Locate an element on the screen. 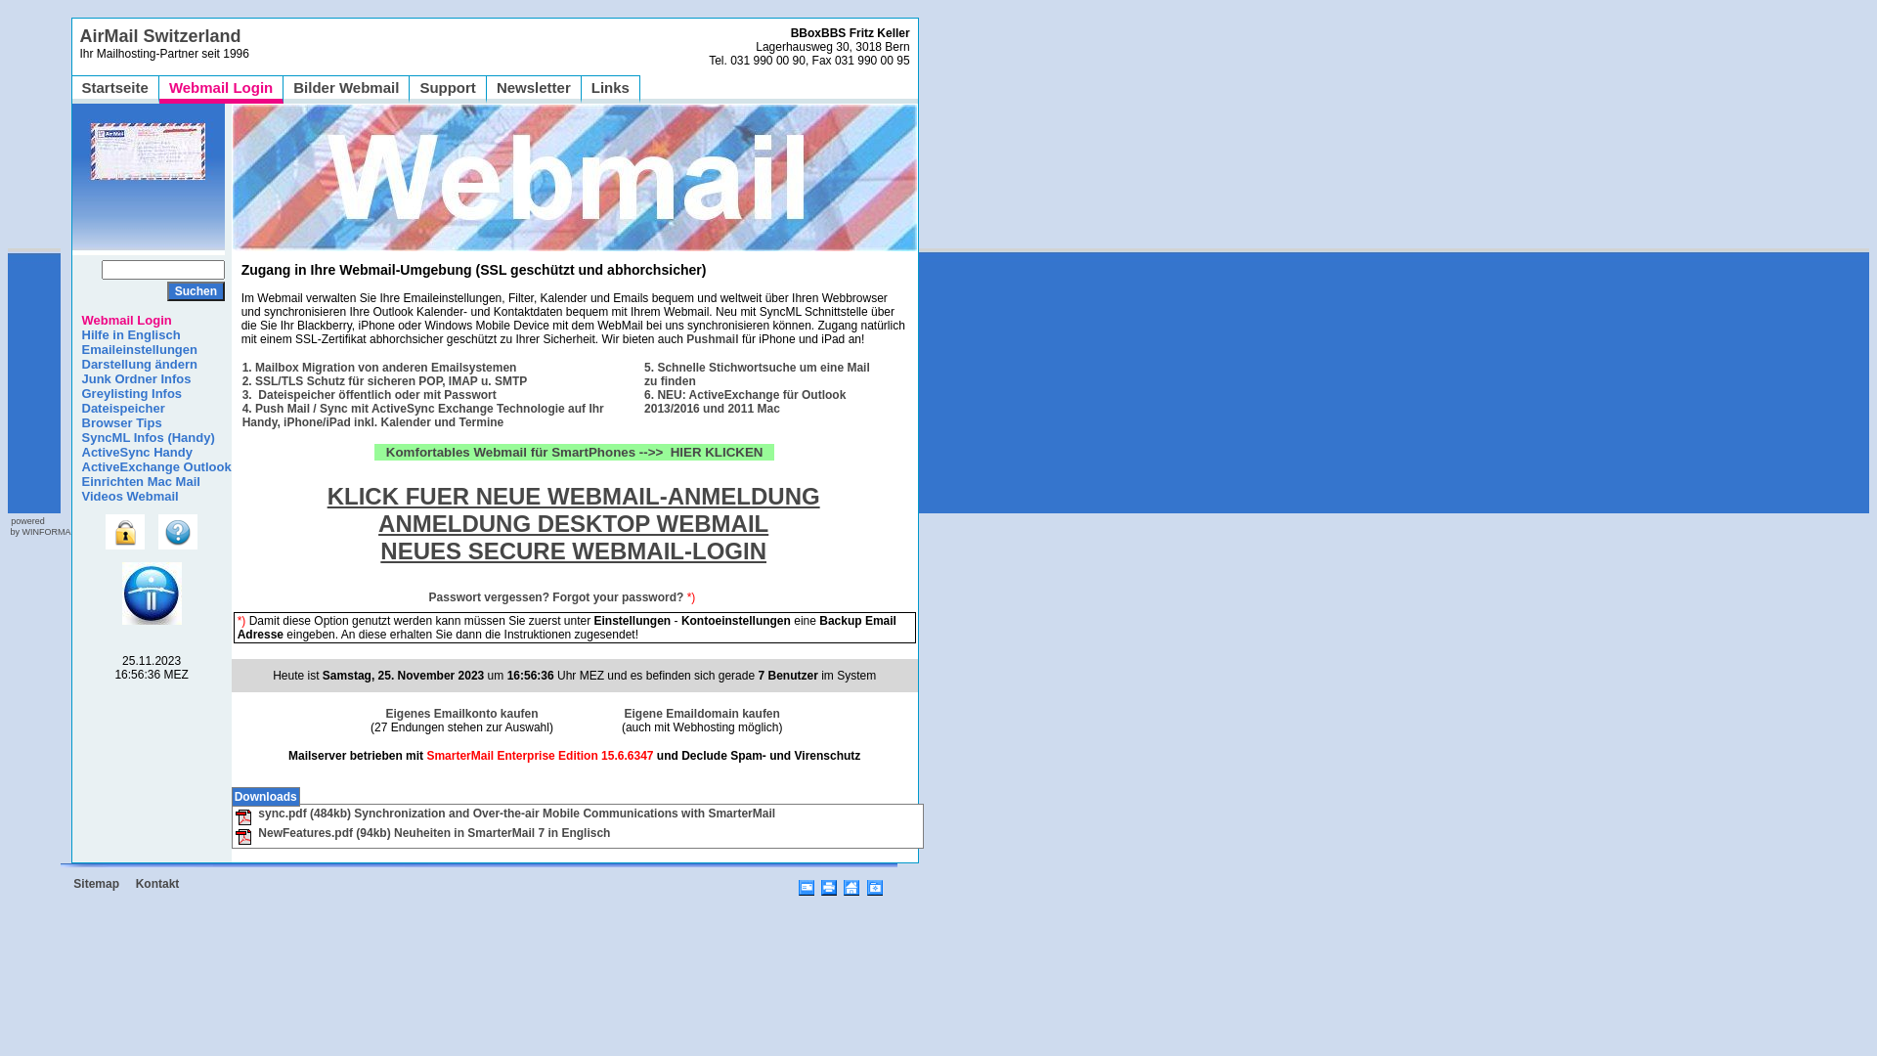 The image size is (1877, 1056). 'Dateispeicher' is located at coordinates (117, 407).